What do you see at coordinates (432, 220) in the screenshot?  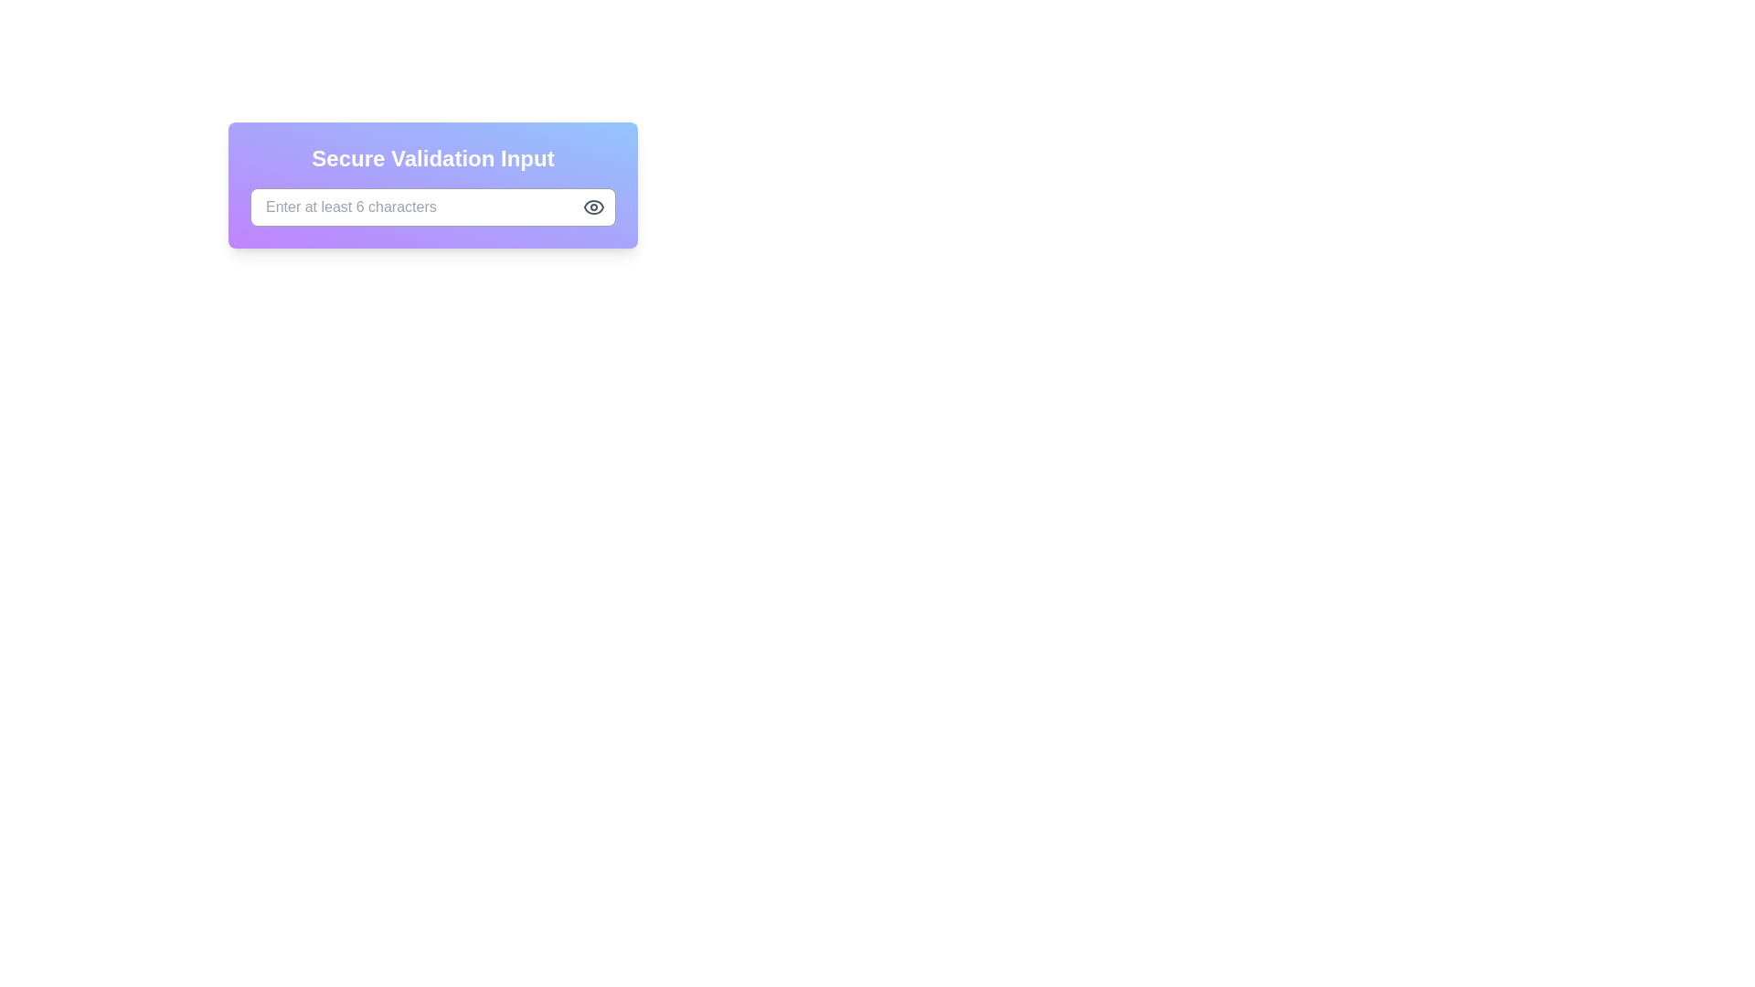 I see `the text input field with a visibility toggle button that has a placeholder stating 'Enter at least 6 characters'` at bounding box center [432, 220].